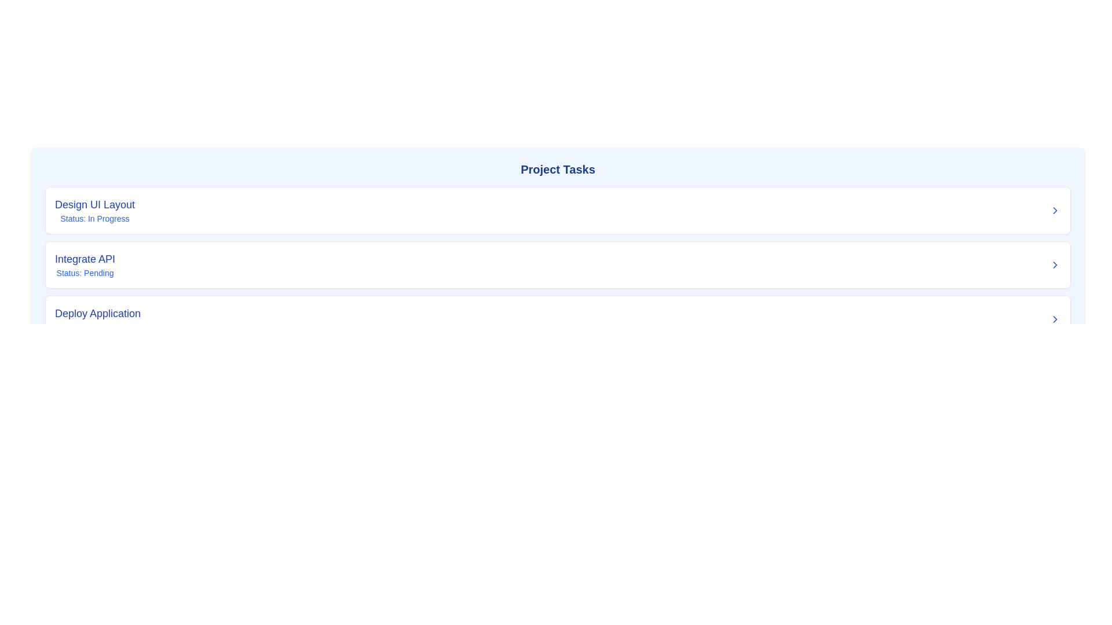 This screenshot has width=1112, height=625. Describe the element at coordinates (1055, 210) in the screenshot. I see `the Chevron icon located at the right end of the list item titled 'Design UI Layout - Status: In Progress', which indicates that the item can be expanded or navigated to a detailed view` at that location.